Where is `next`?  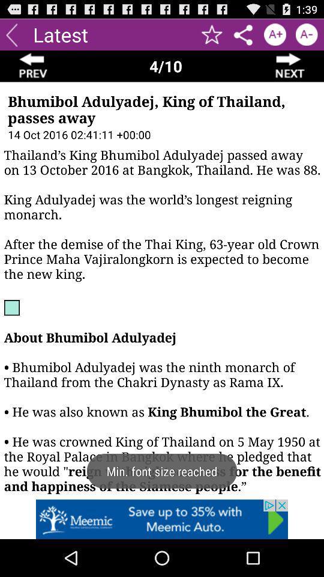
next is located at coordinates (290, 66).